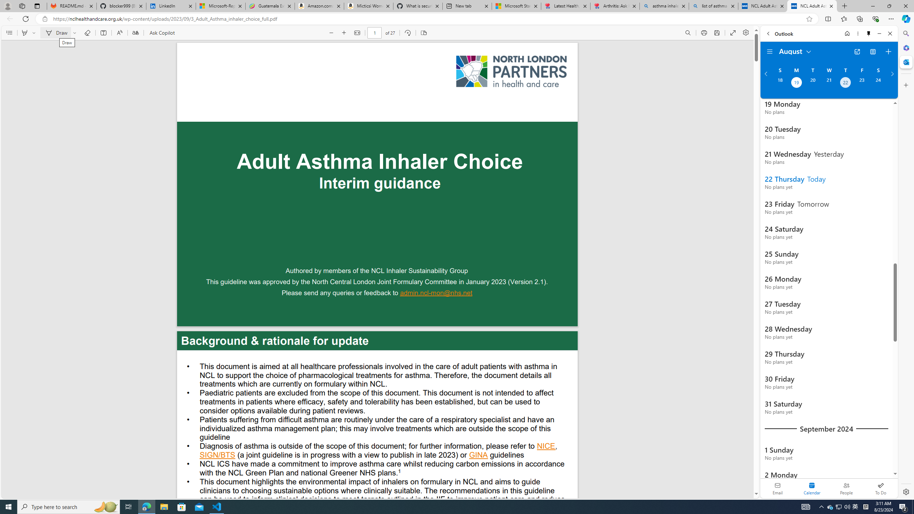 The image size is (914, 514). I want to click on 'GINA ', so click(478, 455).